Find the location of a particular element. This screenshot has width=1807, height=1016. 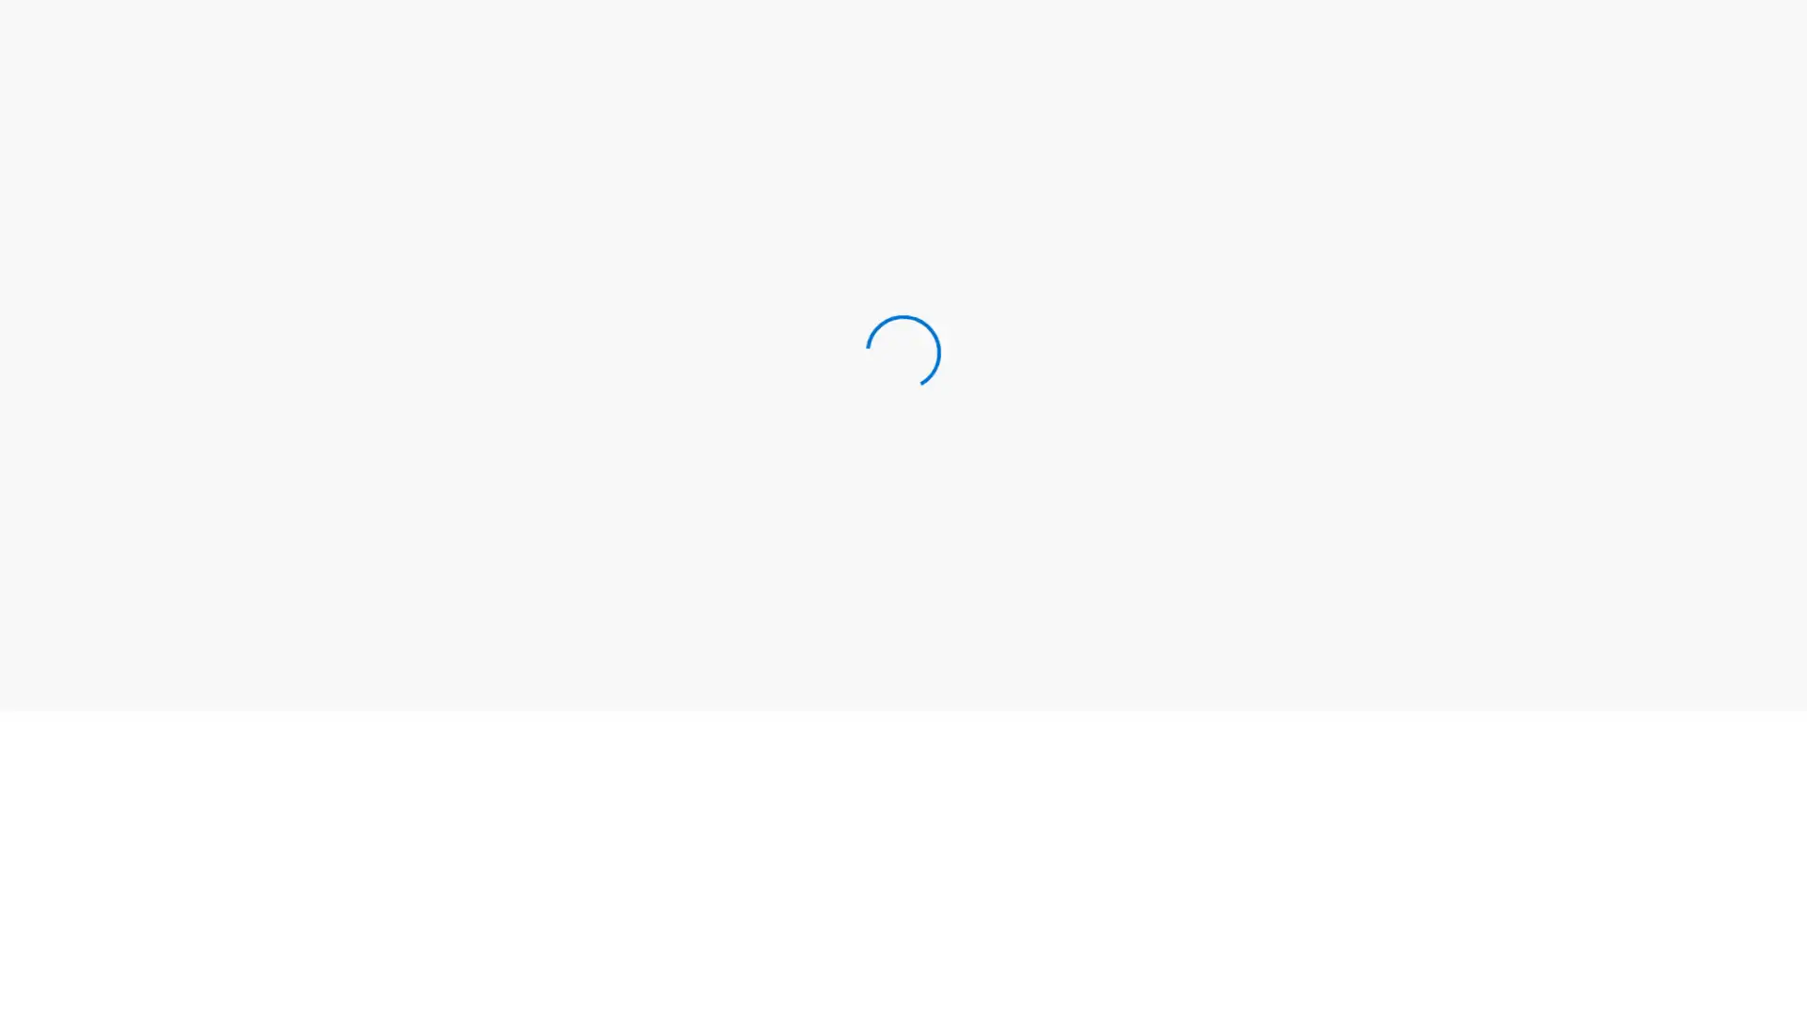

Clears text and closes Search field is located at coordinates (1774, 39).